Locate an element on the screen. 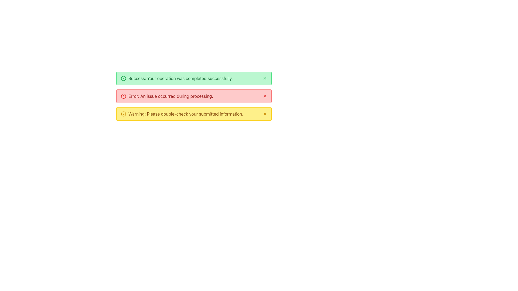 The width and height of the screenshot is (518, 291). the text label displaying the message 'Success: Your operation was completed successfully.' with a green font, indicating a successful operation is located at coordinates (180, 78).